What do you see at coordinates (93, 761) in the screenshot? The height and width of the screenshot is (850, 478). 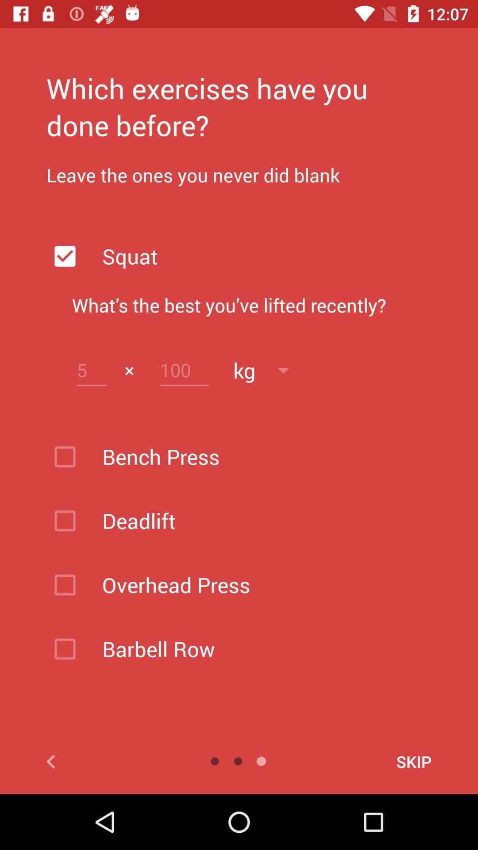 I see `previous` at bounding box center [93, 761].